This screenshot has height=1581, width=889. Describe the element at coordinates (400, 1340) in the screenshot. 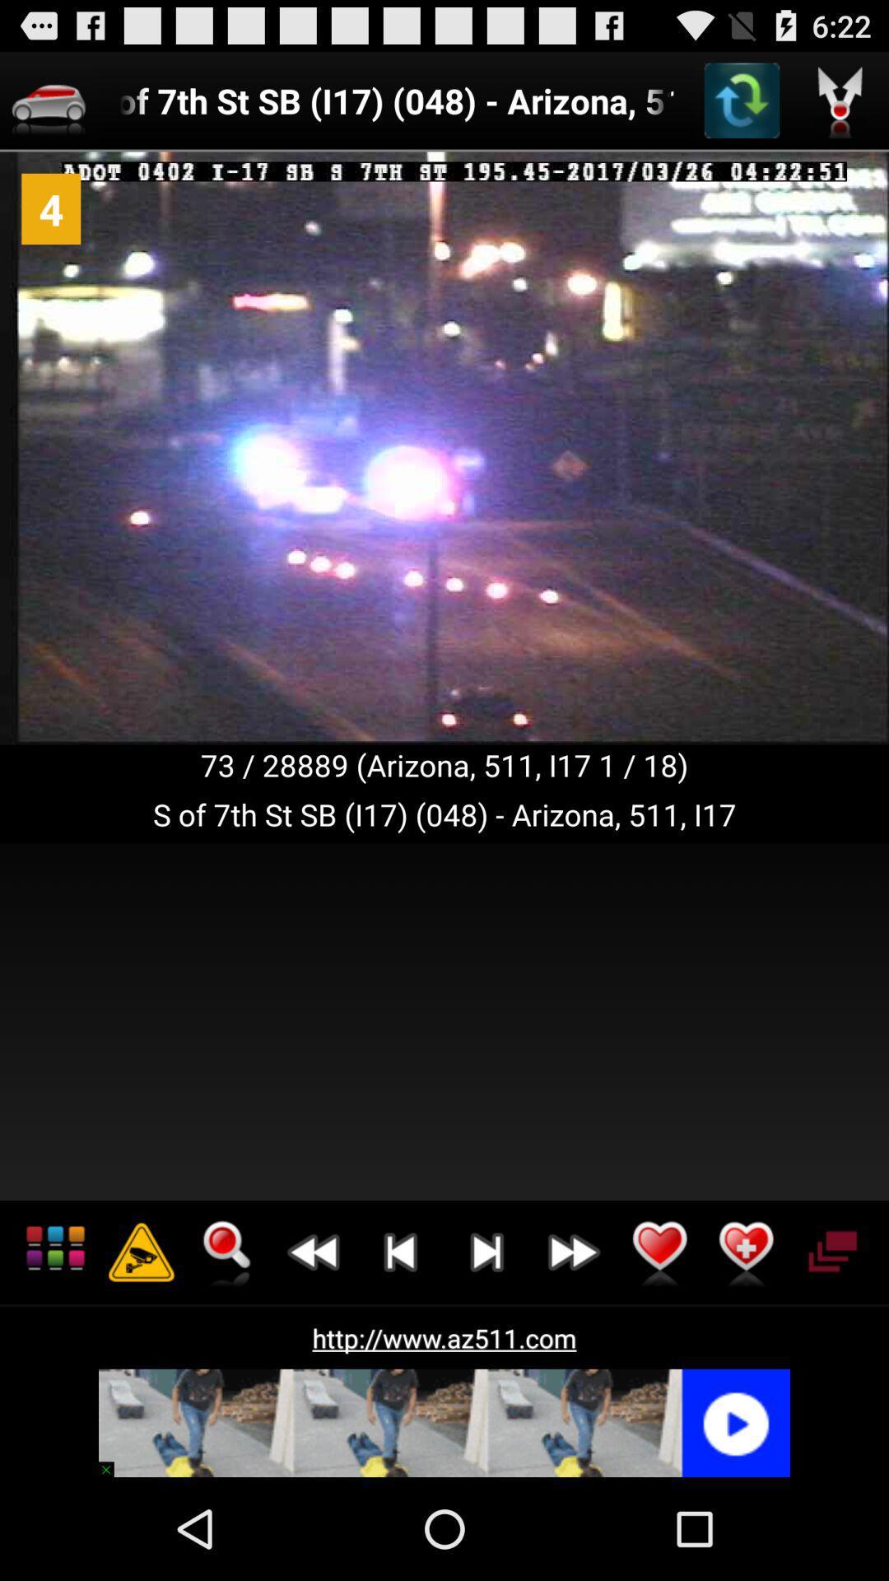

I see `the skip_previous icon` at that location.